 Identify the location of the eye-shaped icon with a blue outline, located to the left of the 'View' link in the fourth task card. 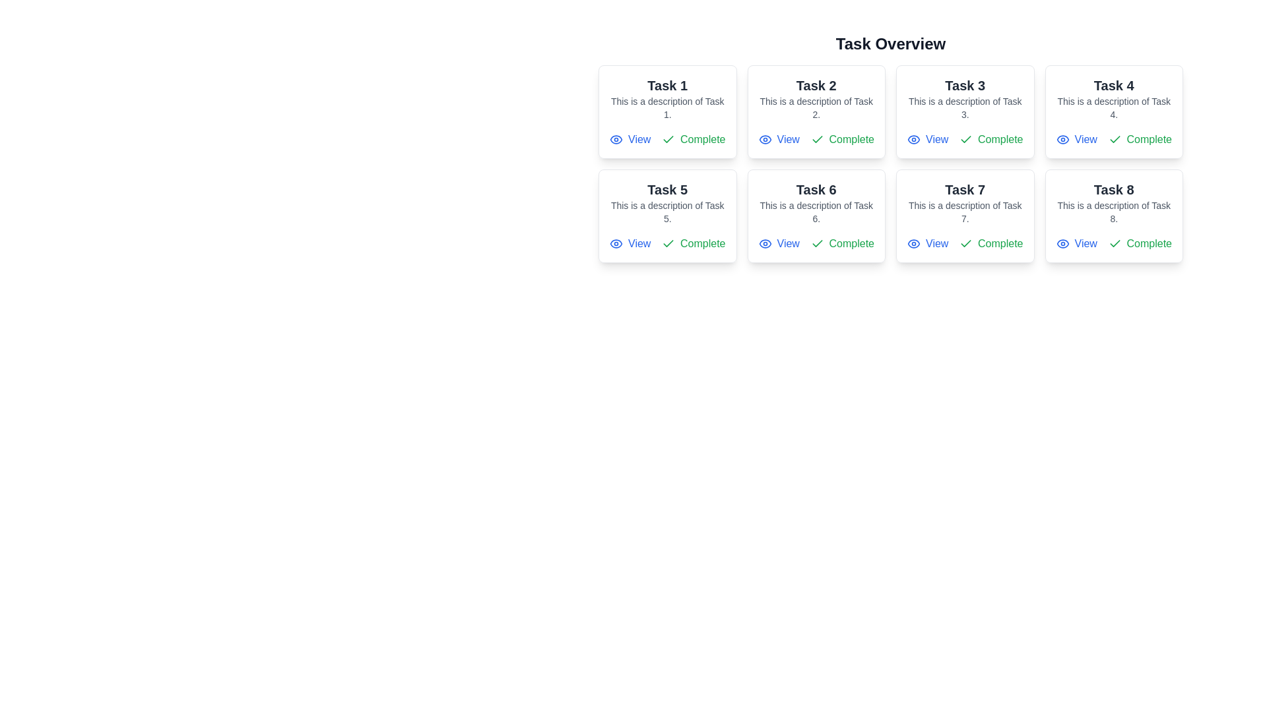
(1062, 140).